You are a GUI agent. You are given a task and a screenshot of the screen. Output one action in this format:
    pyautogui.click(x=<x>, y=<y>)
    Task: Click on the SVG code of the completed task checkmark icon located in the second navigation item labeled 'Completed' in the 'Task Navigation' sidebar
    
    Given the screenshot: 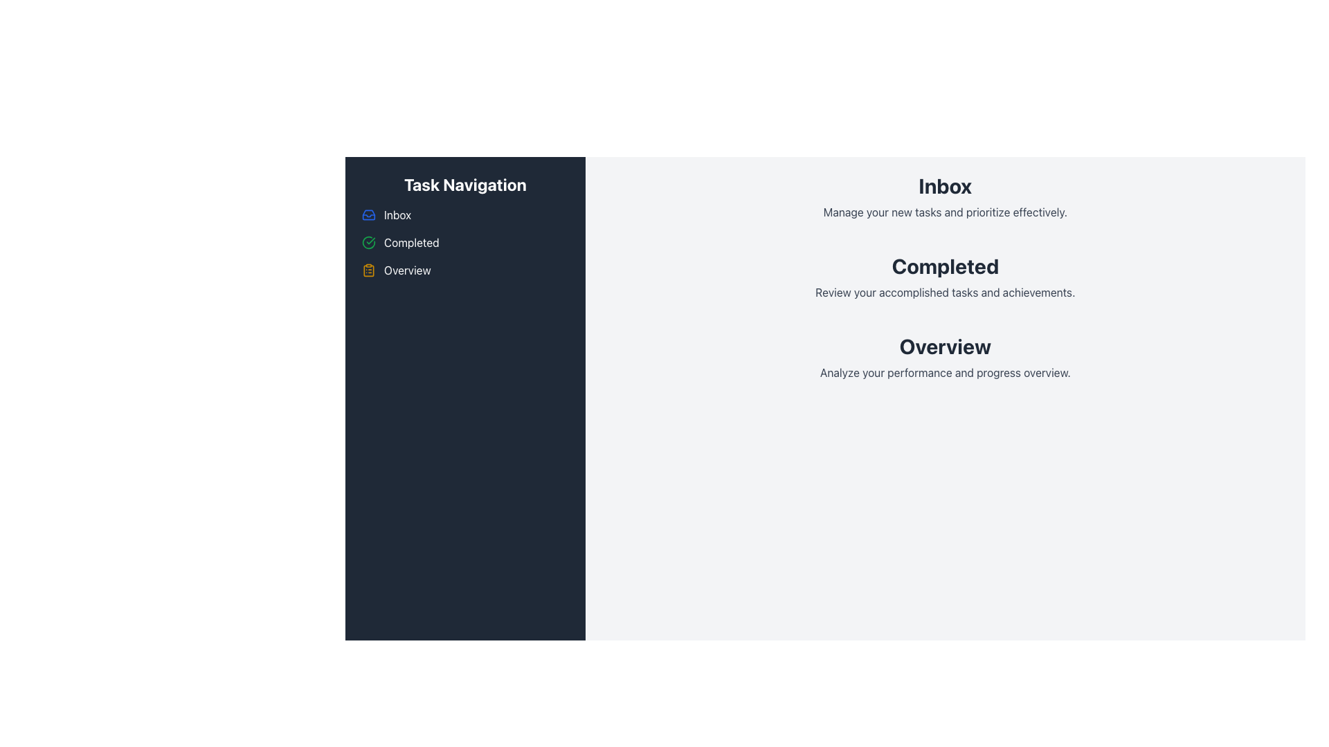 What is the action you would take?
    pyautogui.click(x=368, y=242)
    